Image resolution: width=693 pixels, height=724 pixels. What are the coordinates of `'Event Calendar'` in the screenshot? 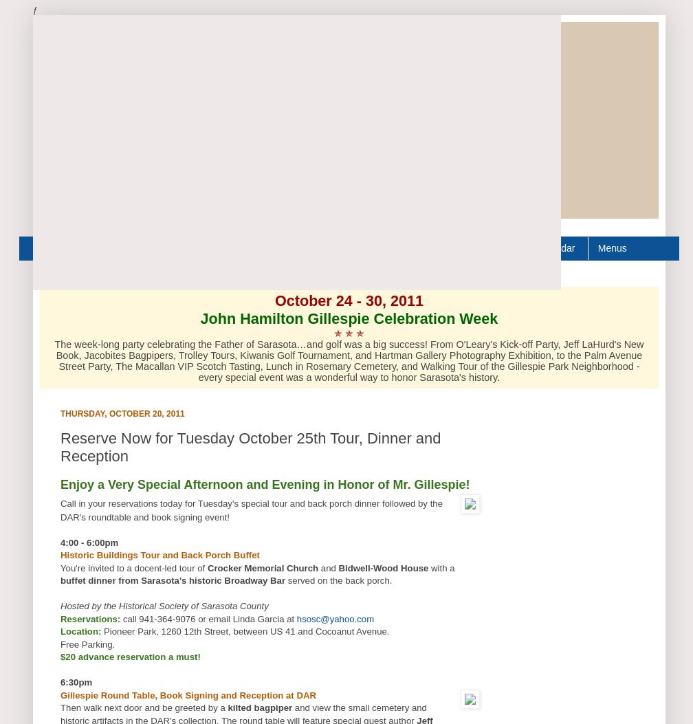 It's located at (541, 247).